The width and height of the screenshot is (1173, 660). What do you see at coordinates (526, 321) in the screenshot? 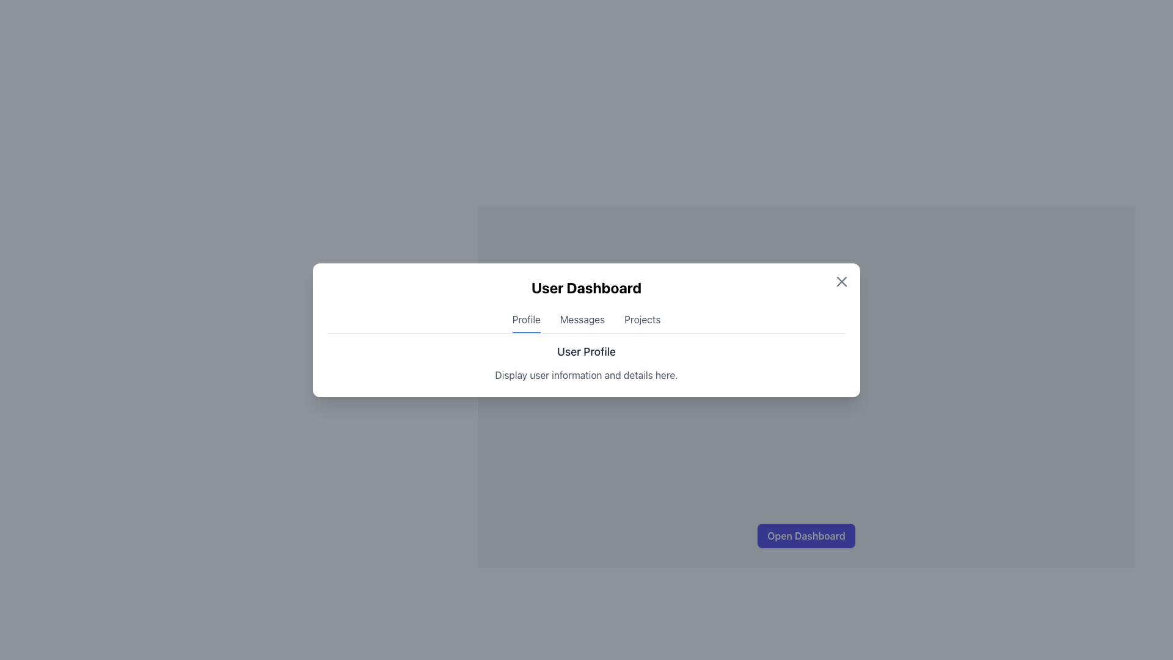
I see `the 'Profile' tab in the horizontal tab bar under the 'User Dashboard' modal` at bounding box center [526, 321].